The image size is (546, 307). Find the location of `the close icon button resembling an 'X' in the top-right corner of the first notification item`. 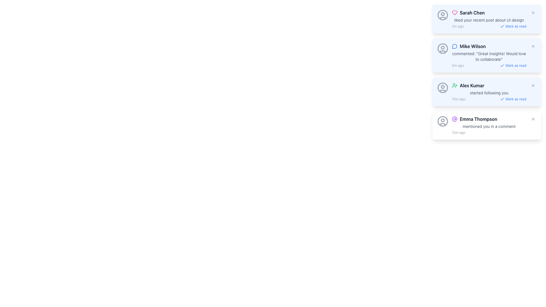

the close icon button resembling an 'X' in the top-right corner of the first notification item is located at coordinates (533, 13).